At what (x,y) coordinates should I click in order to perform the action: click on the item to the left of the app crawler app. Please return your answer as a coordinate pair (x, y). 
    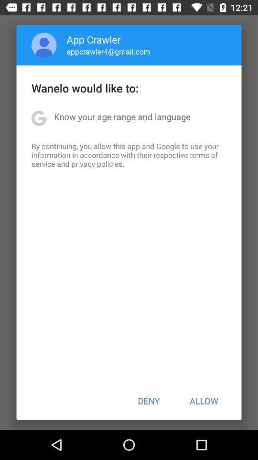
    Looking at the image, I should click on (43, 45).